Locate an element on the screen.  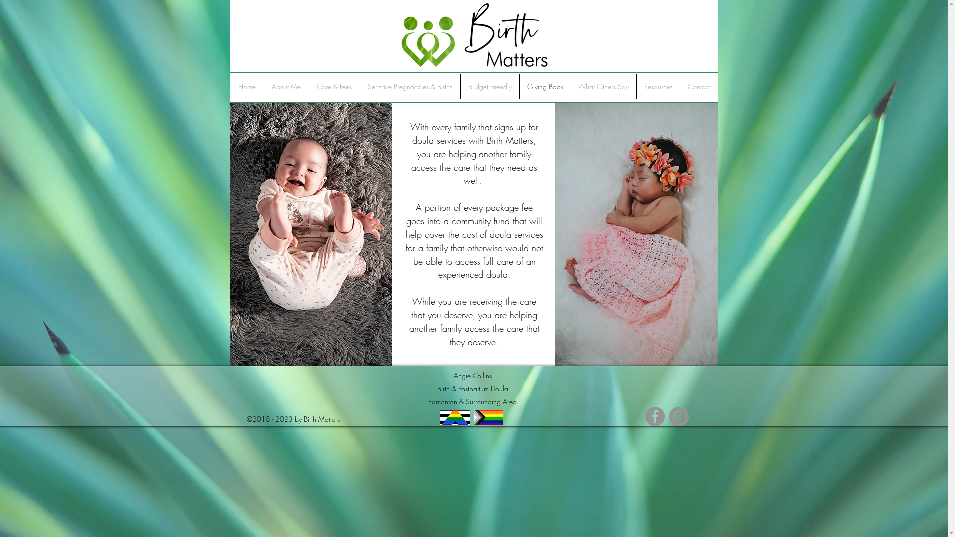
'Giving Back' is located at coordinates (544, 86).